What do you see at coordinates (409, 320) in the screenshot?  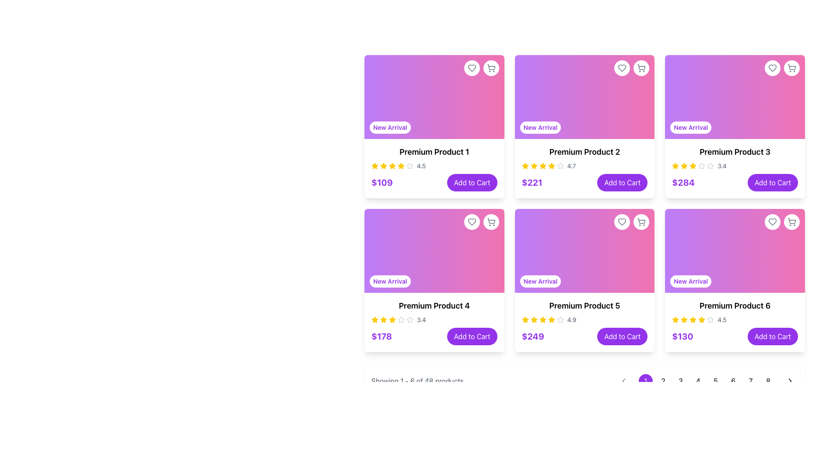 I see `the gray outlined star icon, which is the eighth star in a series of ten, representing a rating system for 'Premium Product 4'` at bounding box center [409, 320].